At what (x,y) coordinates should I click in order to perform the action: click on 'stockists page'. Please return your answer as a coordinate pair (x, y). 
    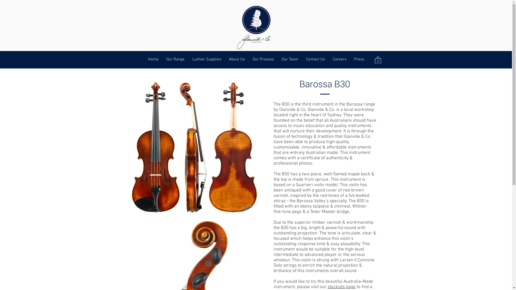
    Looking at the image, I should click on (327, 287).